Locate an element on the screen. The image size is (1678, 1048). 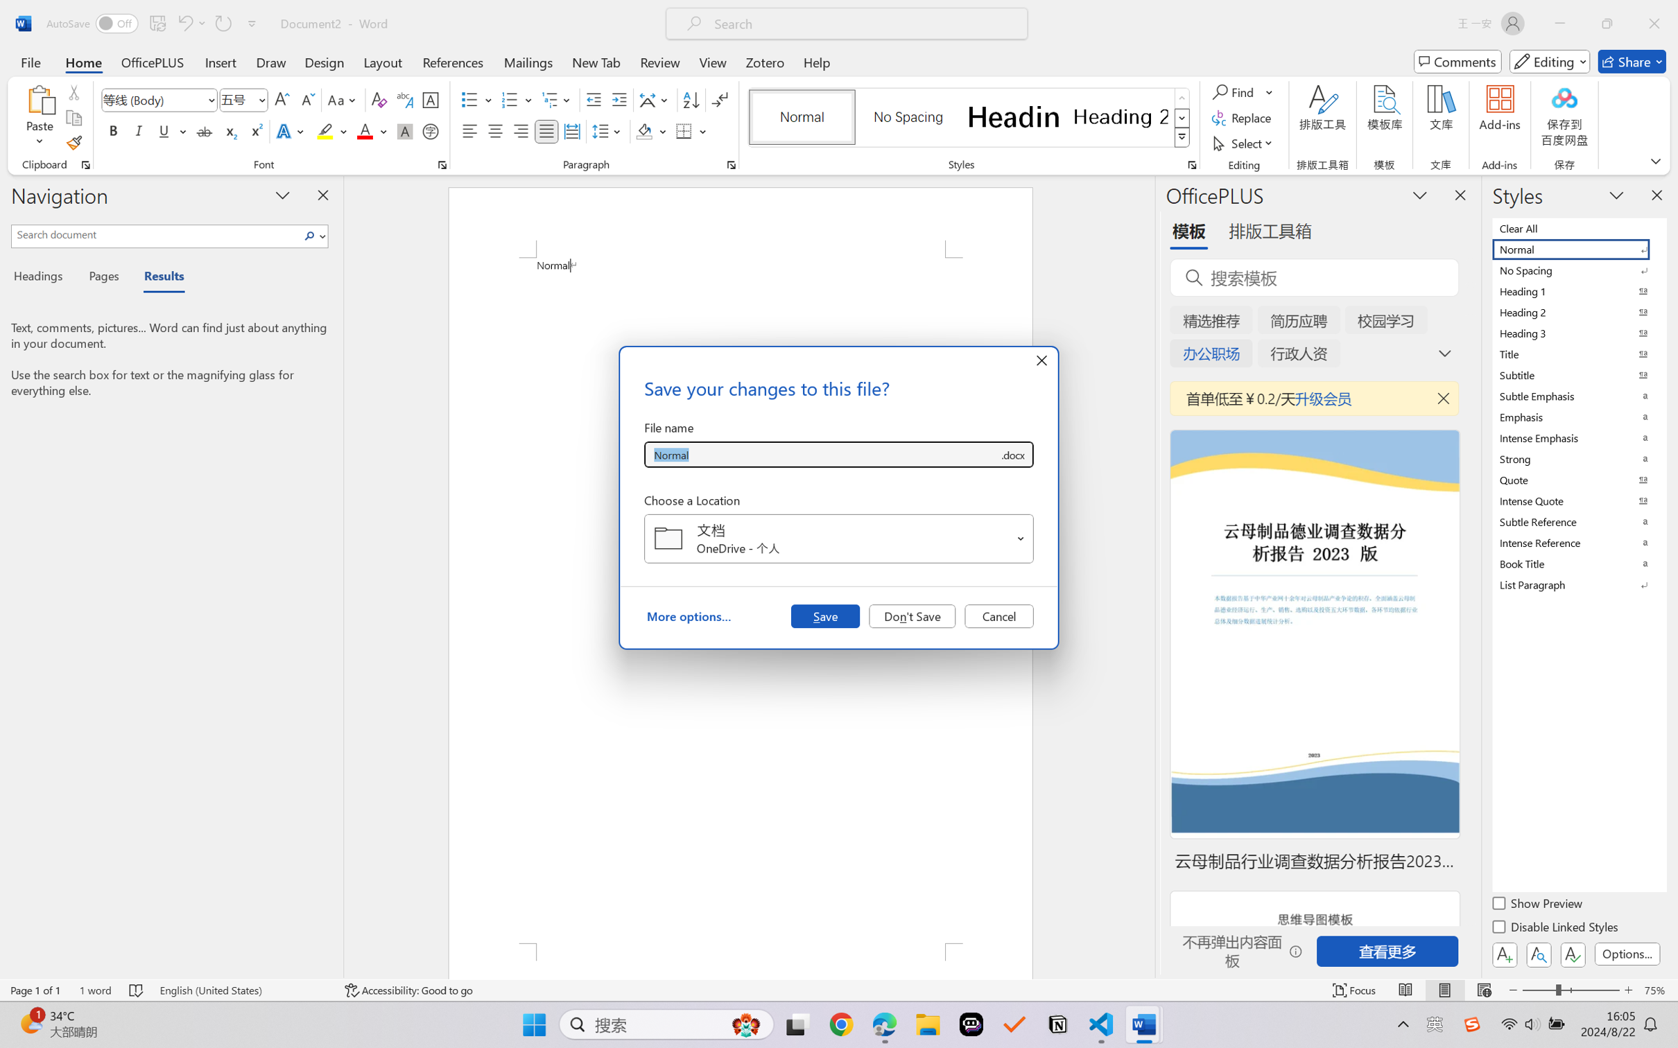
'Pages' is located at coordinates (102, 278).